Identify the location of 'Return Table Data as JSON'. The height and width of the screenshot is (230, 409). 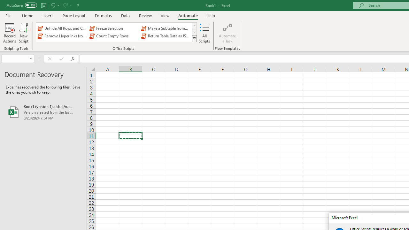
(166, 36).